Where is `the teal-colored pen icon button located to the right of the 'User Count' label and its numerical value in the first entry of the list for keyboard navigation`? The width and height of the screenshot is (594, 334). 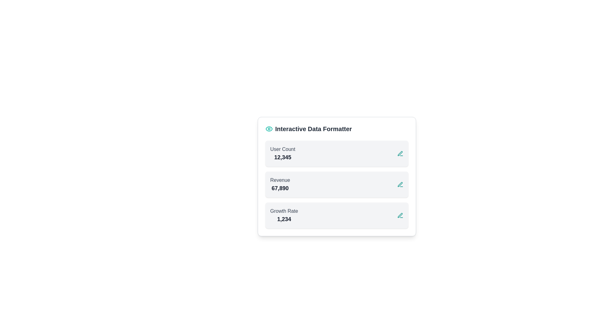
the teal-colored pen icon button located to the right of the 'User Count' label and its numerical value in the first entry of the list for keyboard navigation is located at coordinates (400, 153).